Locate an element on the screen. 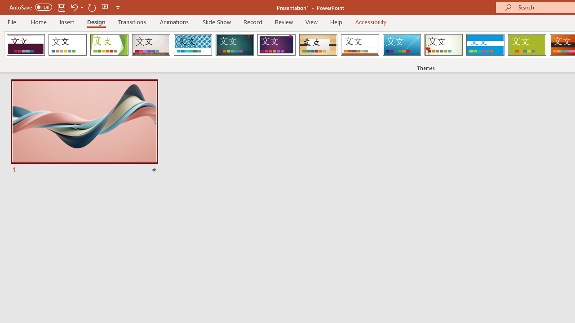 This screenshot has height=323, width=575. 'Slice' is located at coordinates (401, 45).